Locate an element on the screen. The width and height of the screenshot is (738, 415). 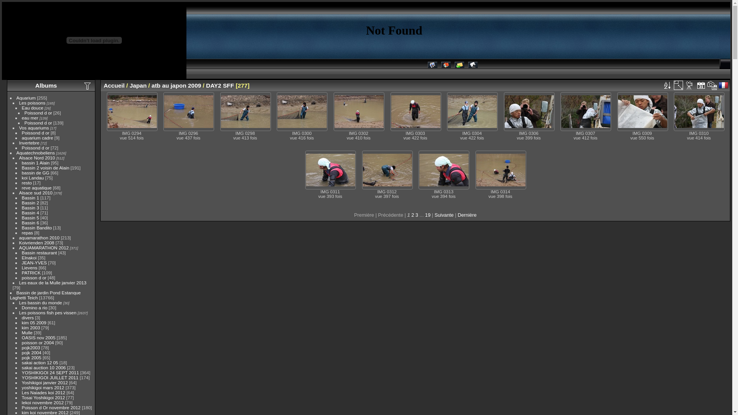
'kim 2003' is located at coordinates (31, 327).